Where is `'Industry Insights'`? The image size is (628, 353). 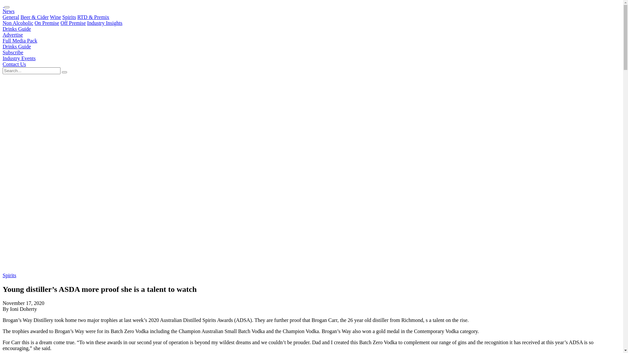 'Industry Insights' is located at coordinates (105, 23).